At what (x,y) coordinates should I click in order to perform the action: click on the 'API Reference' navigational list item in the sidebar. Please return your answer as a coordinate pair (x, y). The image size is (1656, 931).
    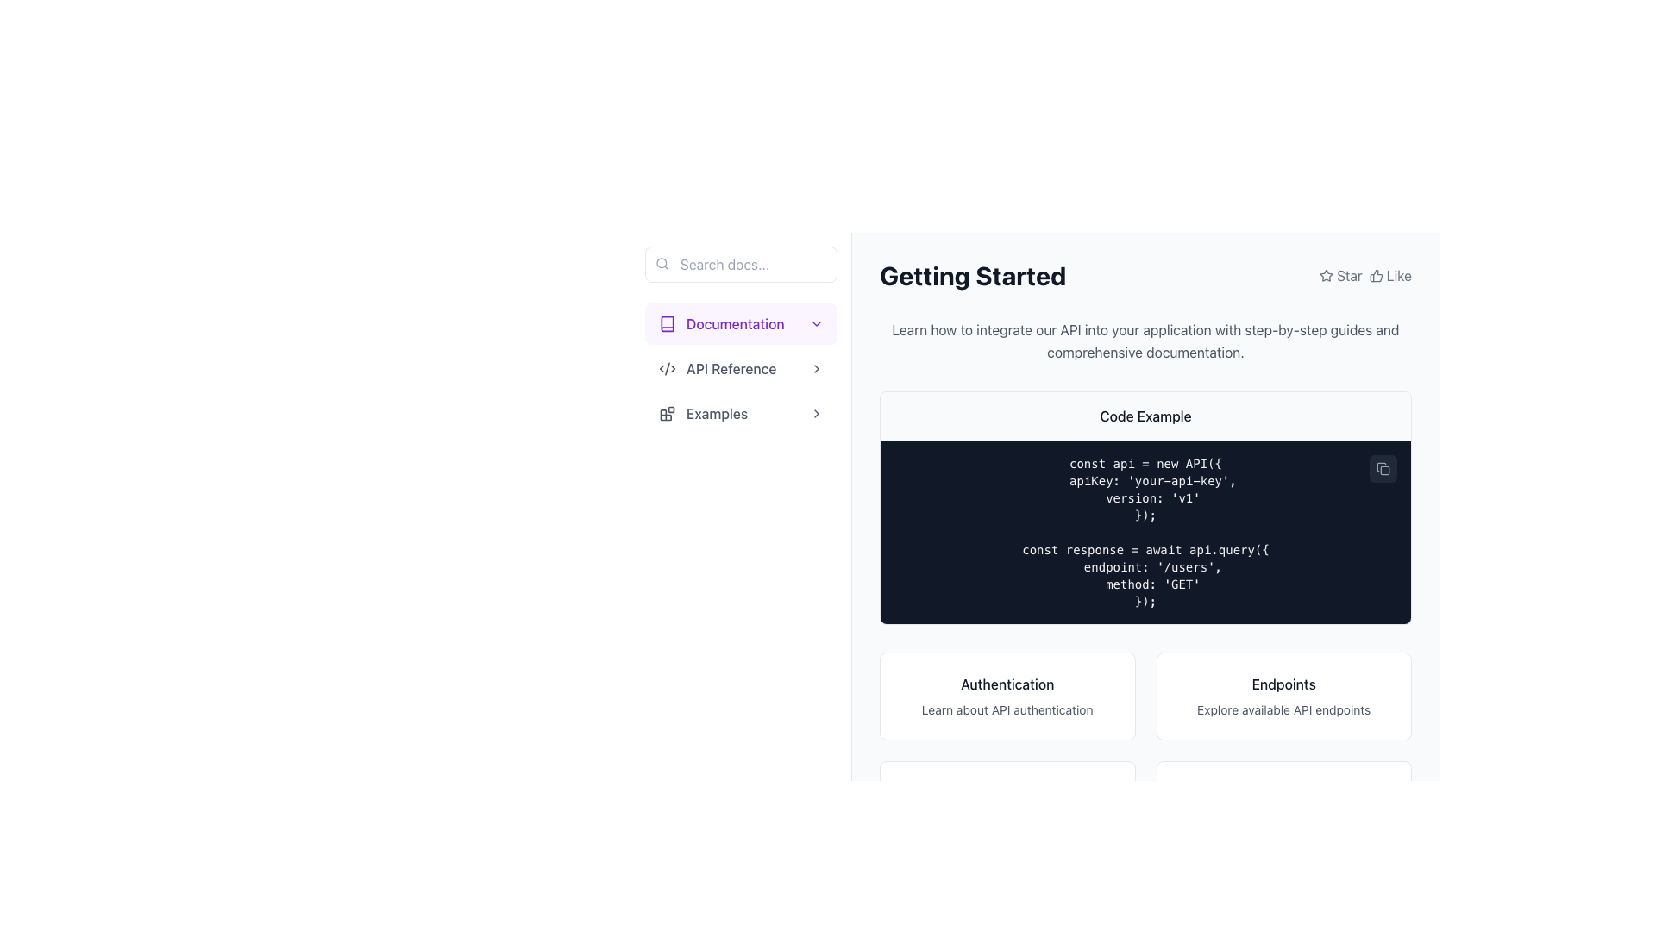
    Looking at the image, I should click on (741, 368).